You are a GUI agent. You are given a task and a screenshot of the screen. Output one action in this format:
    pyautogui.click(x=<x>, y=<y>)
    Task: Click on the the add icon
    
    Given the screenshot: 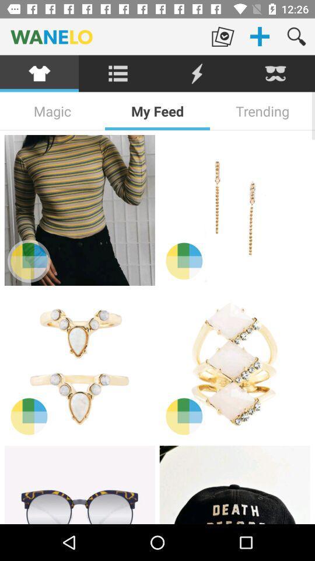 What is the action you would take?
    pyautogui.click(x=260, y=36)
    